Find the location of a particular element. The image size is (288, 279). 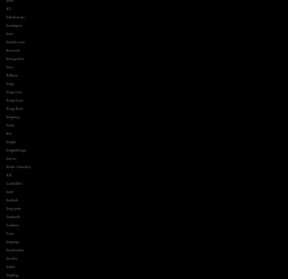

'launderettes' is located at coordinates (15, 249).